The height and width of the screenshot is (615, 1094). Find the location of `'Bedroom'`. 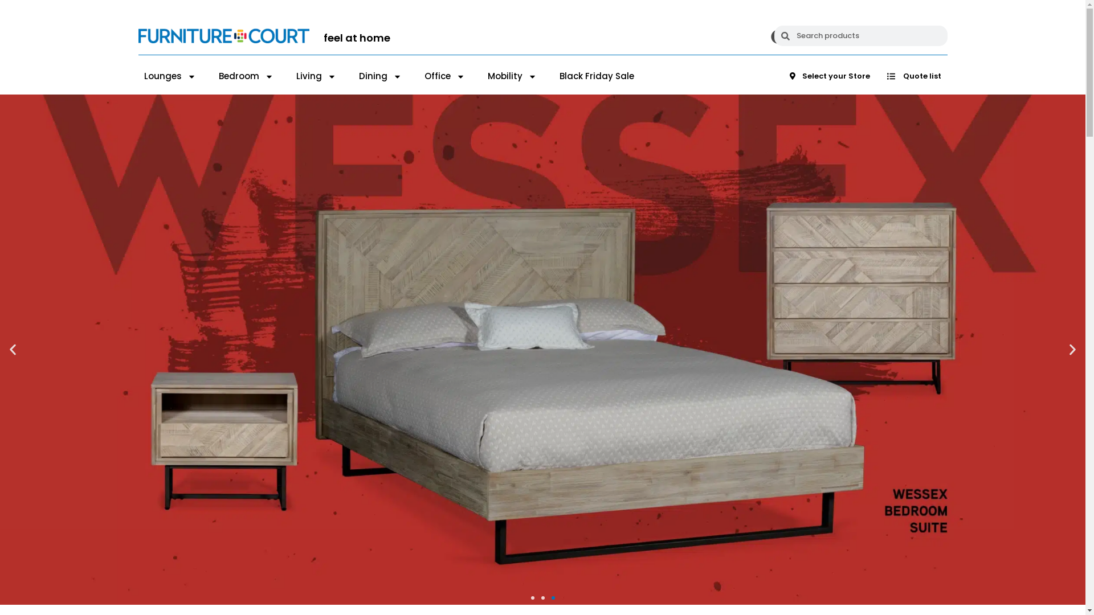

'Bedroom' is located at coordinates (246, 76).